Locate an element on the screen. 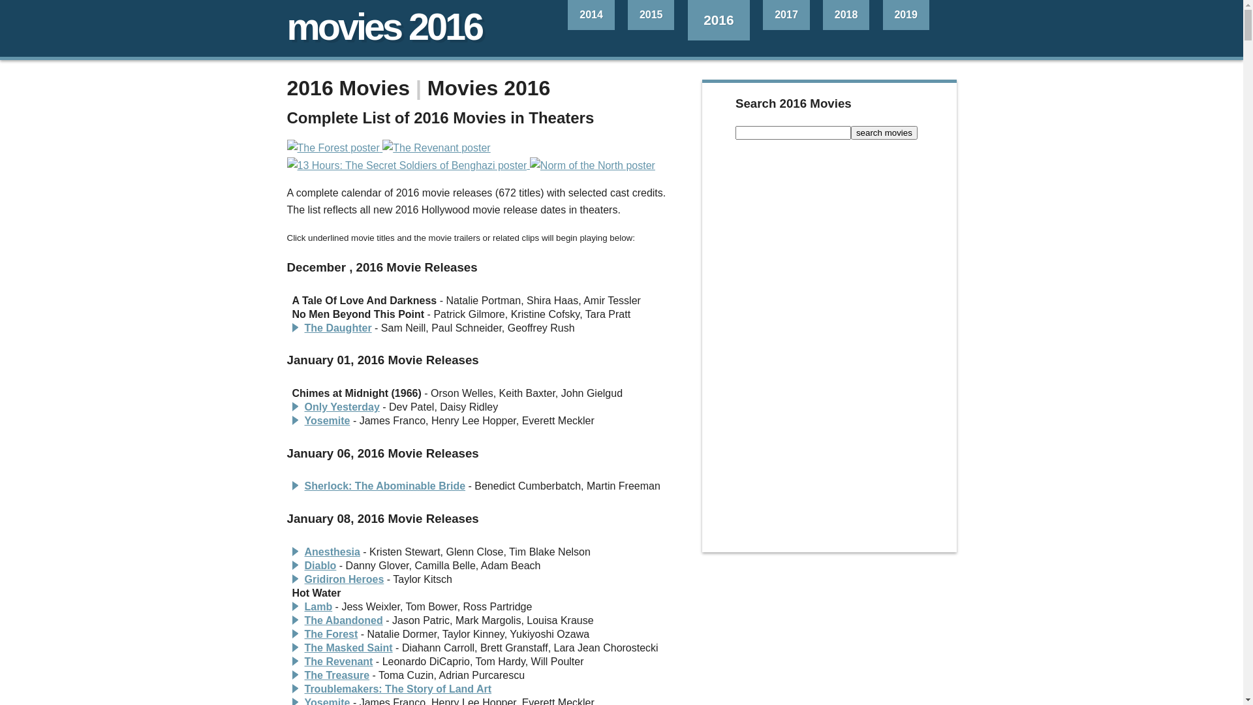  'The Revenant' is located at coordinates (338, 661).